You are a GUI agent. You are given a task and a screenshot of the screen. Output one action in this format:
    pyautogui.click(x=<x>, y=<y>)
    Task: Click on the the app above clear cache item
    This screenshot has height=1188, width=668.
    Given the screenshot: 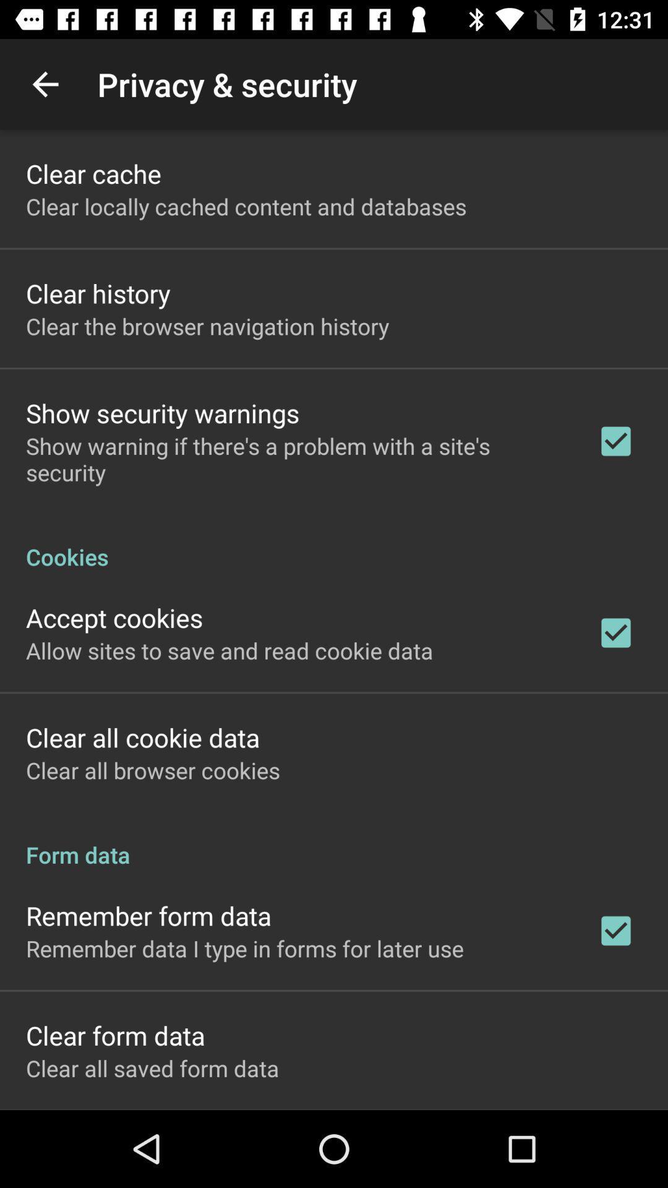 What is the action you would take?
    pyautogui.click(x=45, y=84)
    